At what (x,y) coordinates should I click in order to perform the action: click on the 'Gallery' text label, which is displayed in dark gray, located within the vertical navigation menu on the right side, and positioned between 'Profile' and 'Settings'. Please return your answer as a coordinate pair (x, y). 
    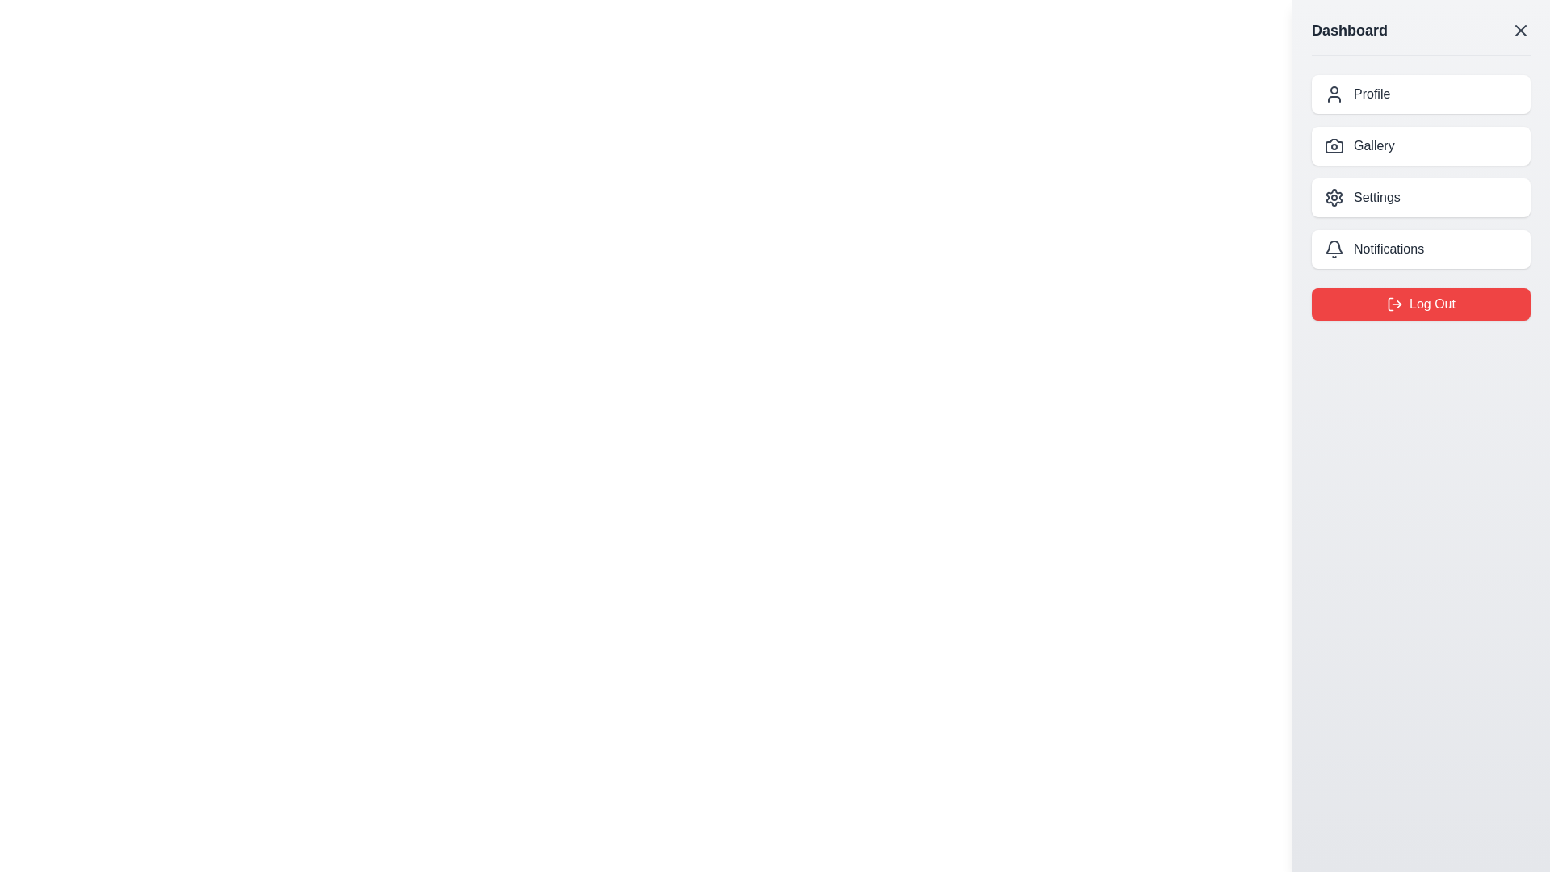
    Looking at the image, I should click on (1373, 146).